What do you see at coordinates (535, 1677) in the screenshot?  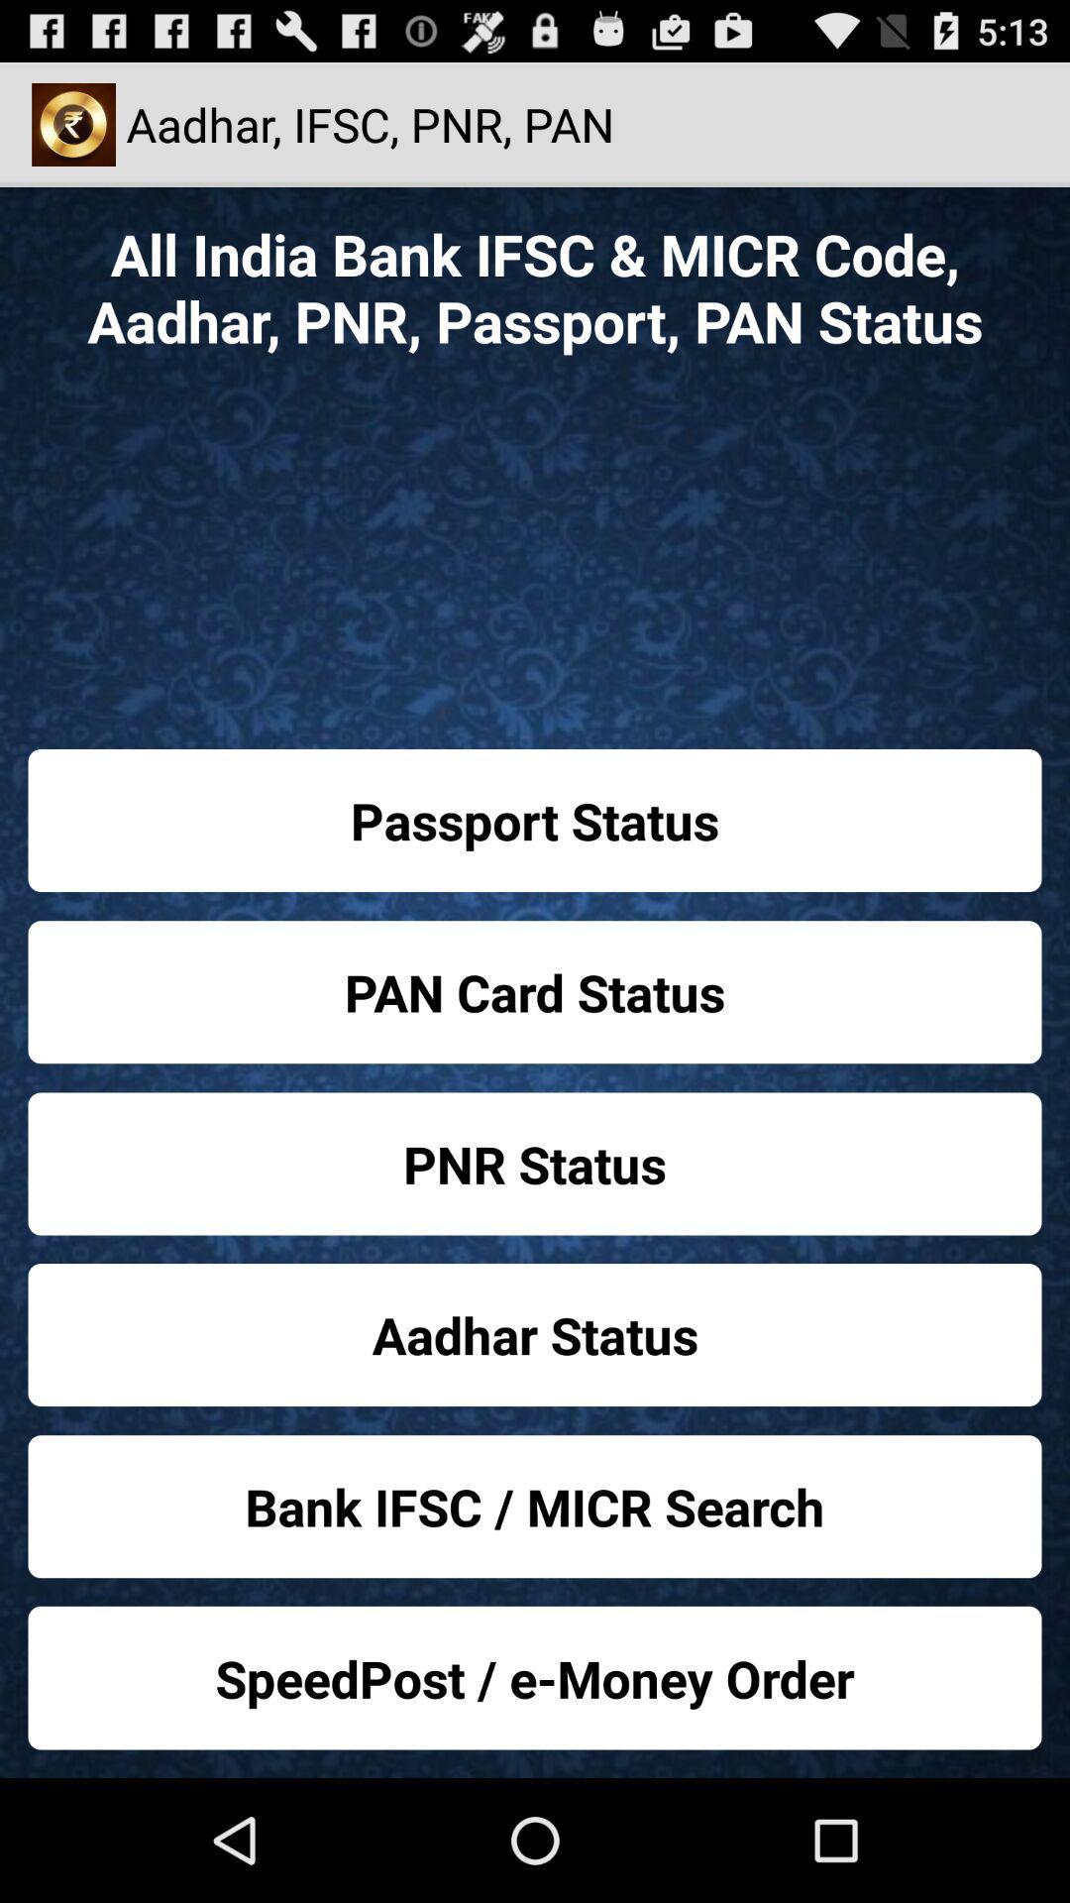 I see `the speedpost e money icon` at bounding box center [535, 1677].